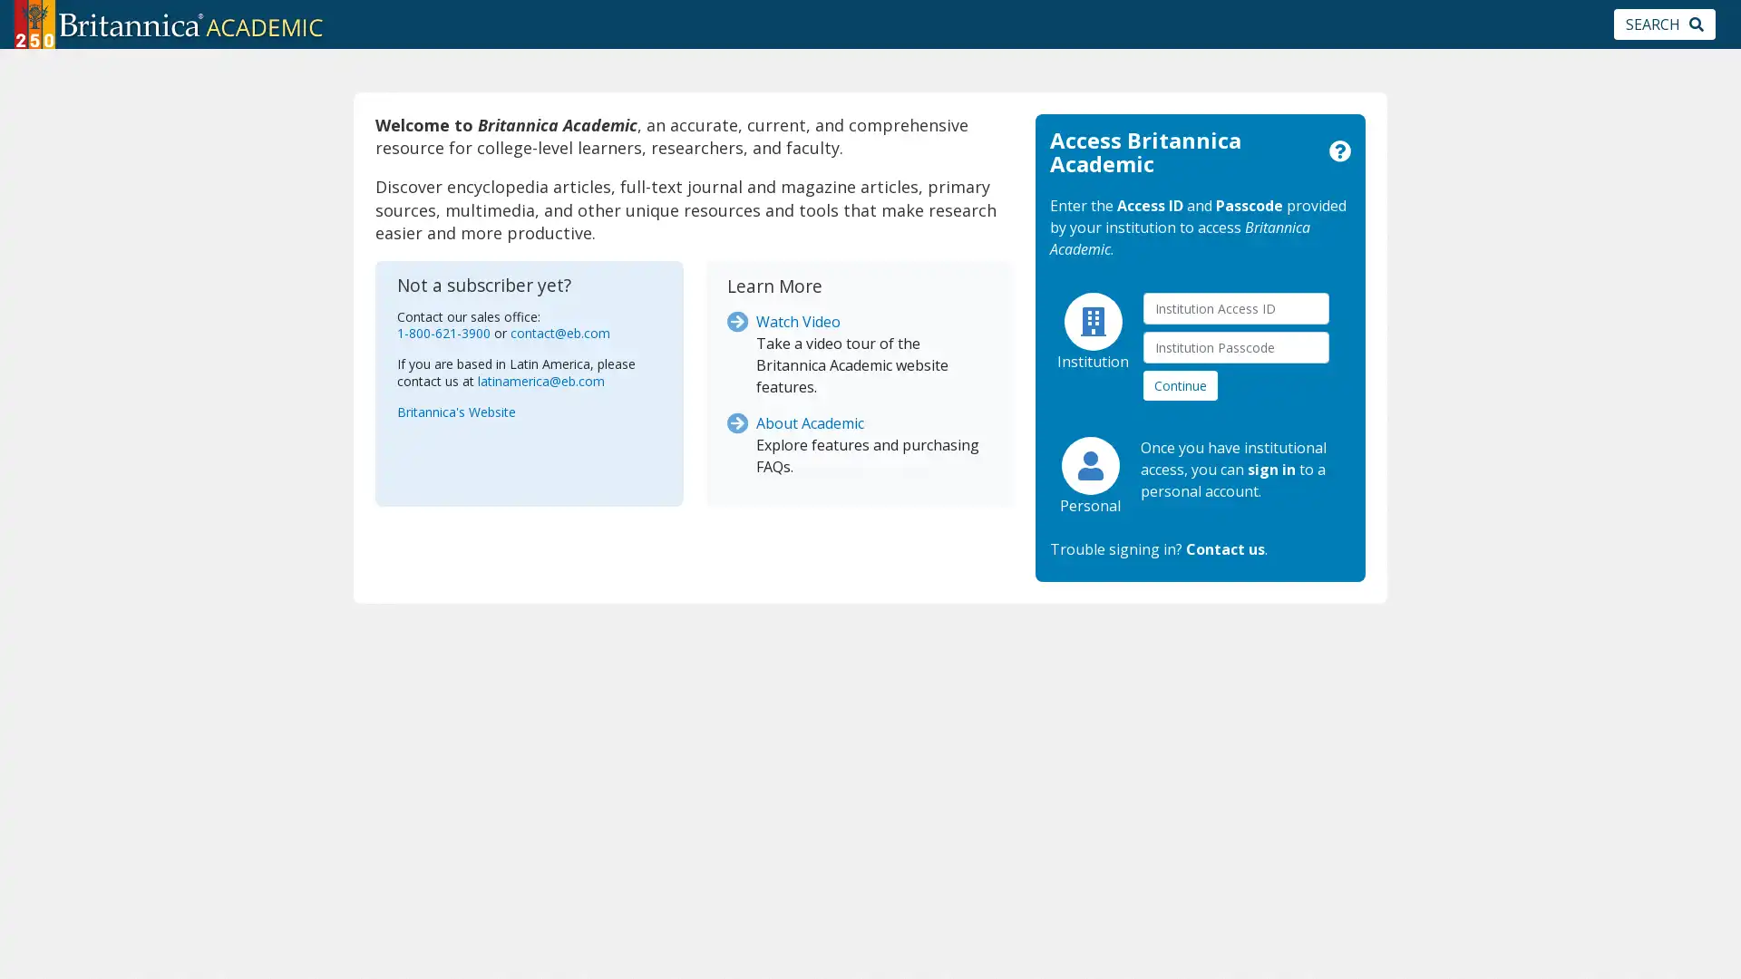  What do you see at coordinates (1180, 383) in the screenshot?
I see `Continue` at bounding box center [1180, 383].